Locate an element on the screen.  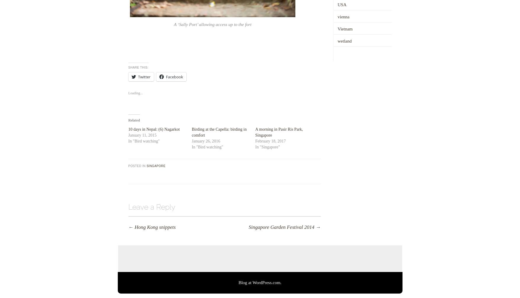
'vienna' is located at coordinates (343, 17).